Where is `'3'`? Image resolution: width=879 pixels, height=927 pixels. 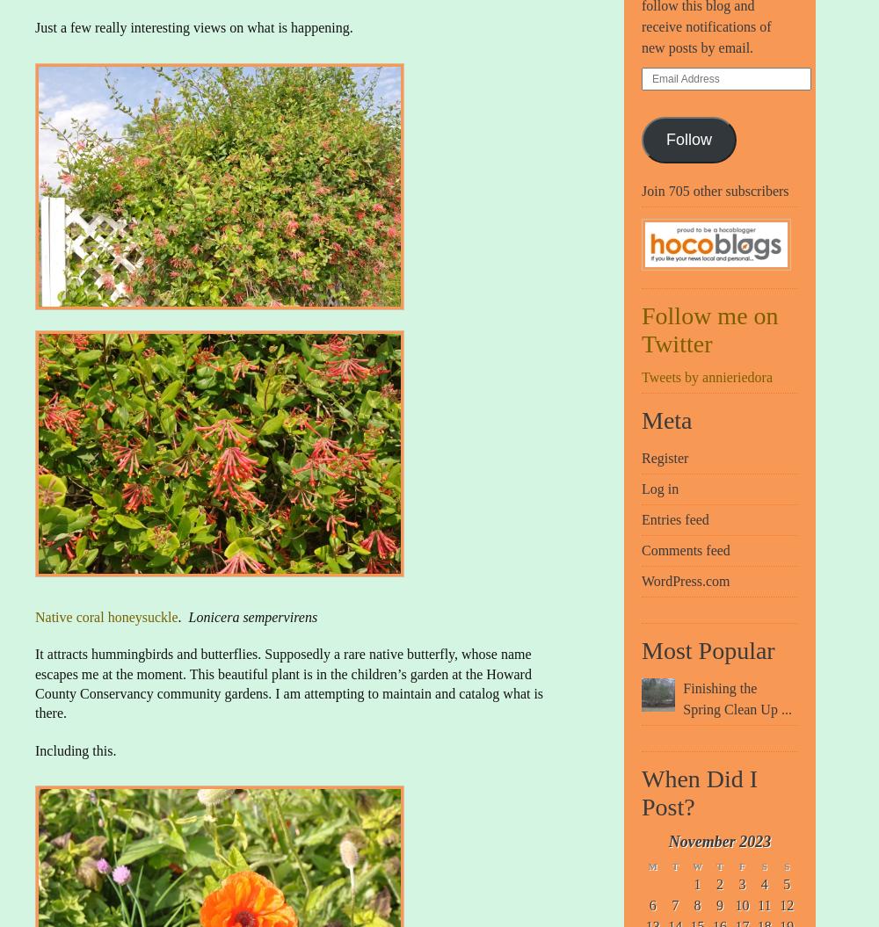 '3' is located at coordinates (741, 882).